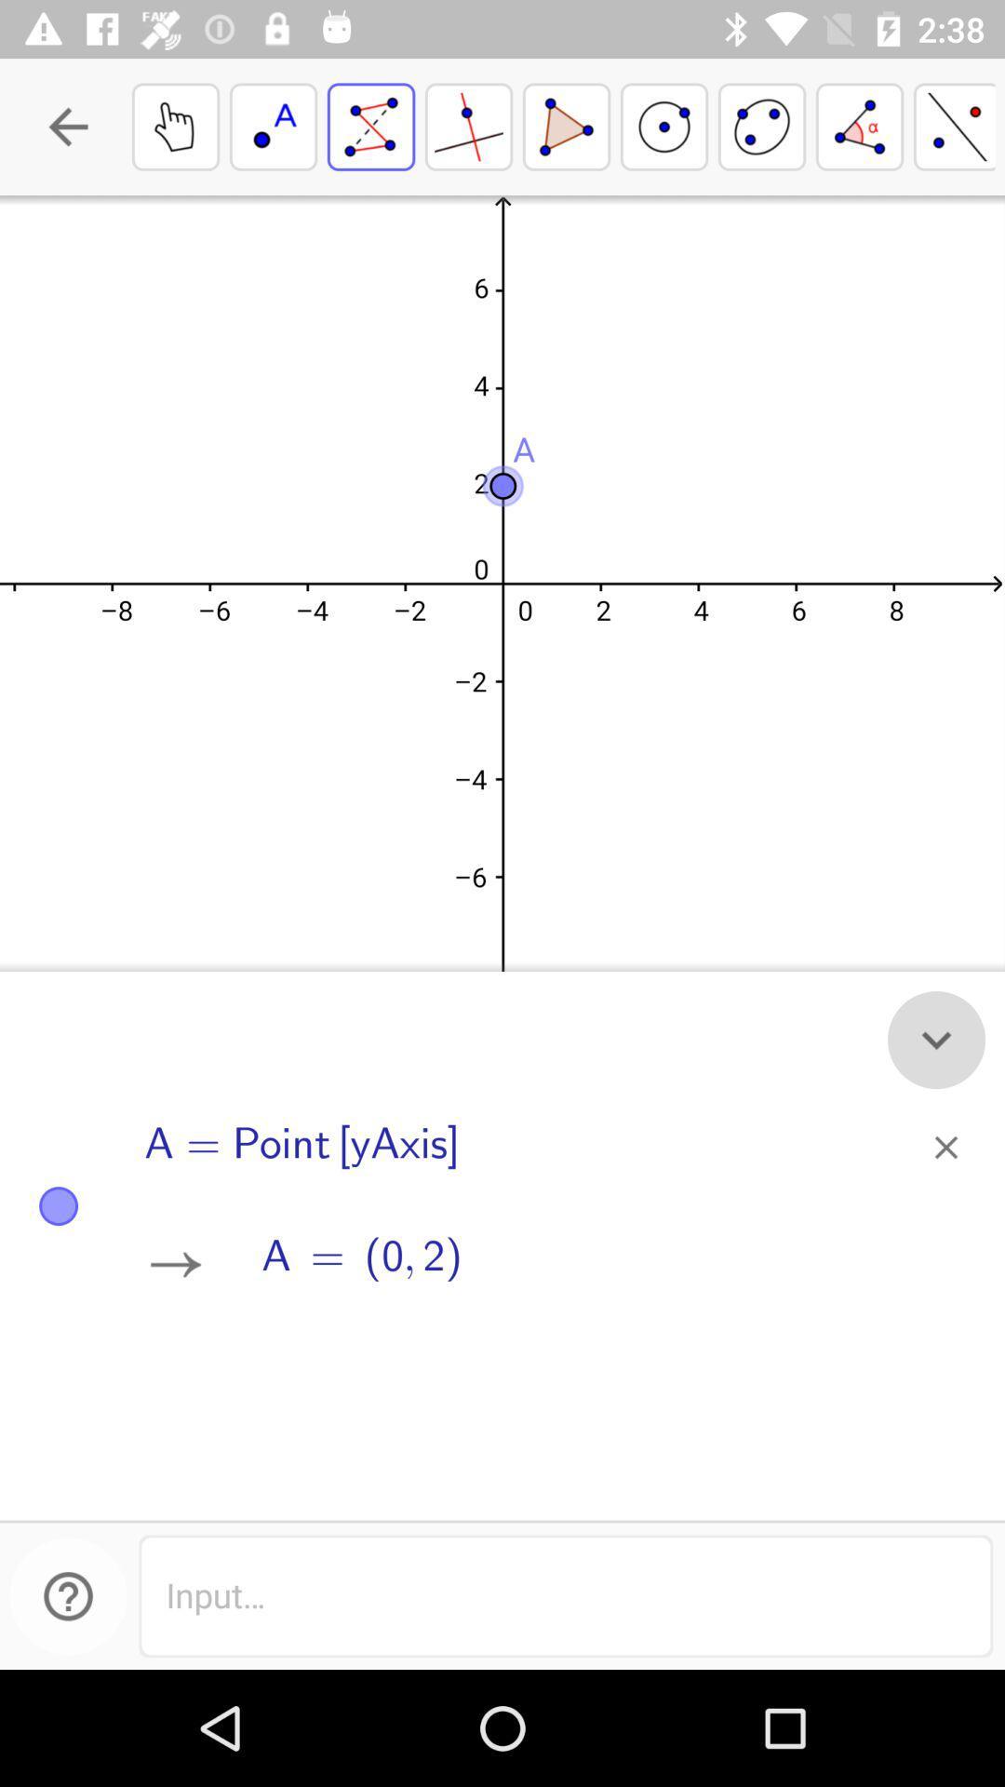 Image resolution: width=1005 pixels, height=1787 pixels. What do you see at coordinates (176, 1264) in the screenshot?
I see `on arrow mark` at bounding box center [176, 1264].